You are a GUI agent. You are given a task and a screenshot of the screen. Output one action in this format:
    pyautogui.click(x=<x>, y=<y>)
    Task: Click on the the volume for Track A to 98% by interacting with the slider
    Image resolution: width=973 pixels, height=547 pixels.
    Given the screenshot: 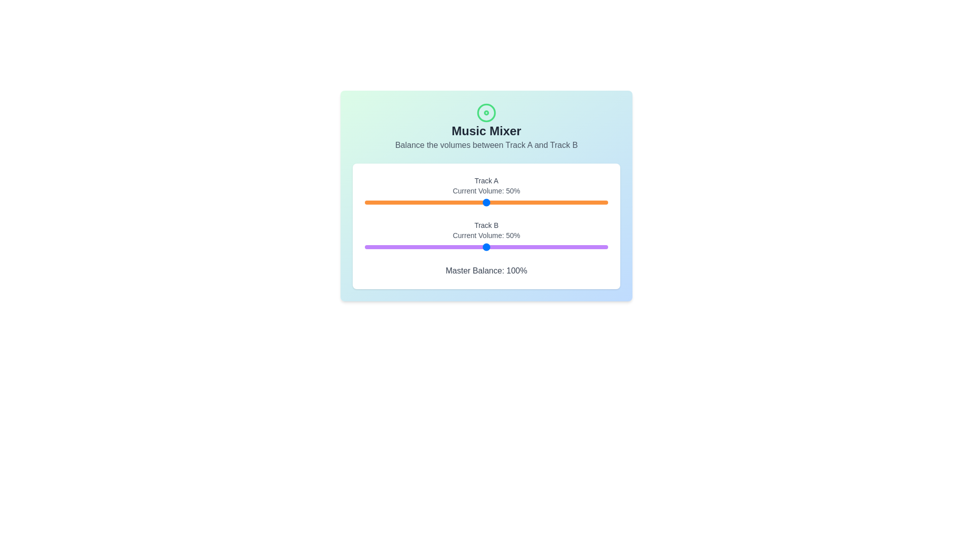 What is the action you would take?
    pyautogui.click(x=603, y=203)
    